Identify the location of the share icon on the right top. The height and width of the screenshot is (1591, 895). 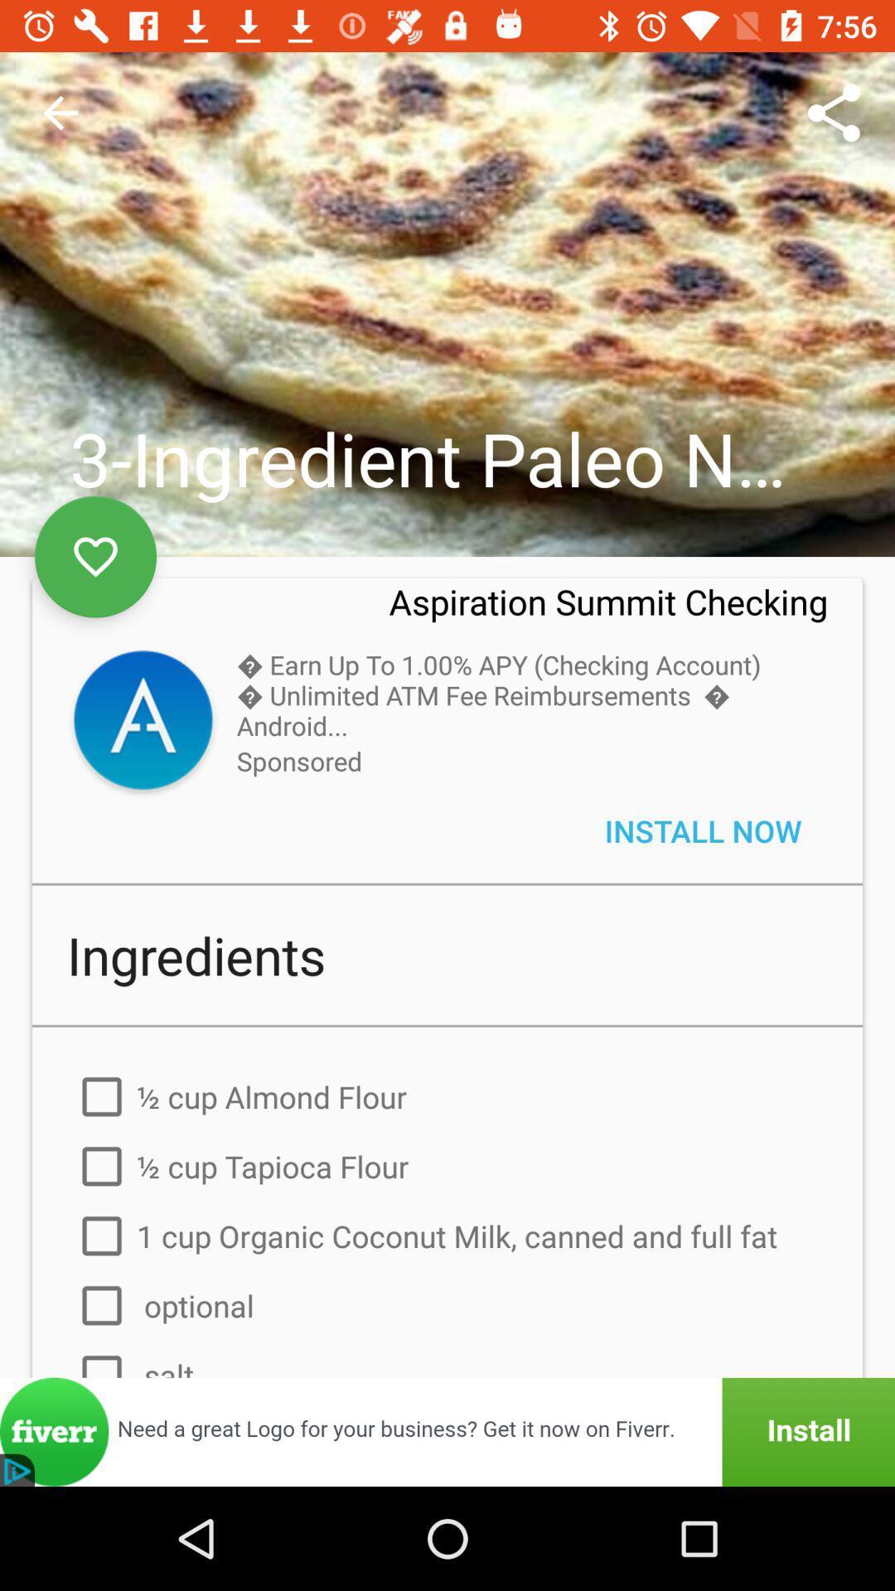
(834, 113).